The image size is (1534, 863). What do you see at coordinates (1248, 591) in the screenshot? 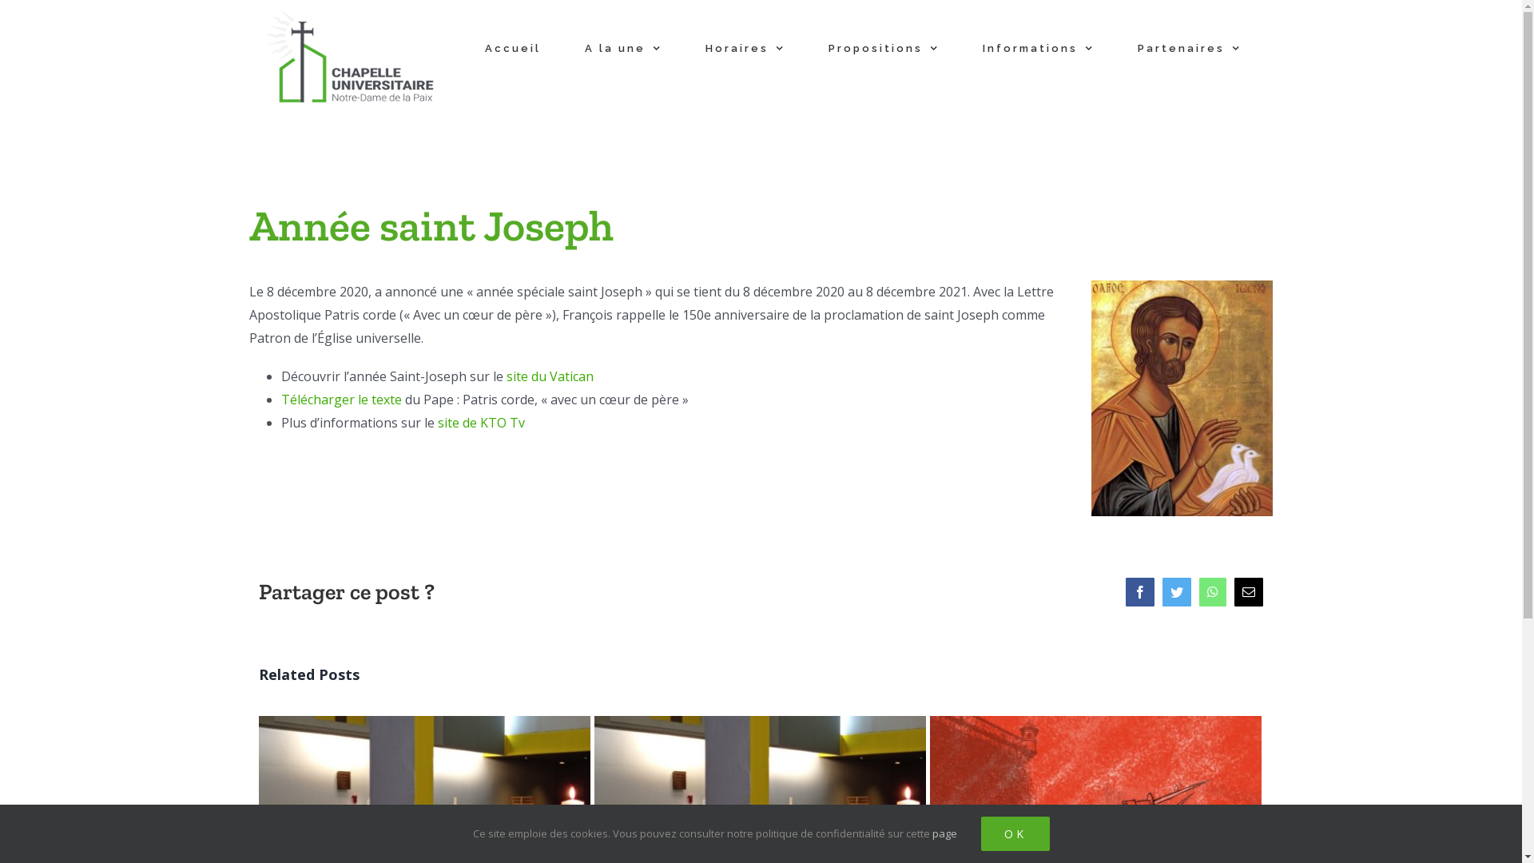
I see `'Email'` at bounding box center [1248, 591].